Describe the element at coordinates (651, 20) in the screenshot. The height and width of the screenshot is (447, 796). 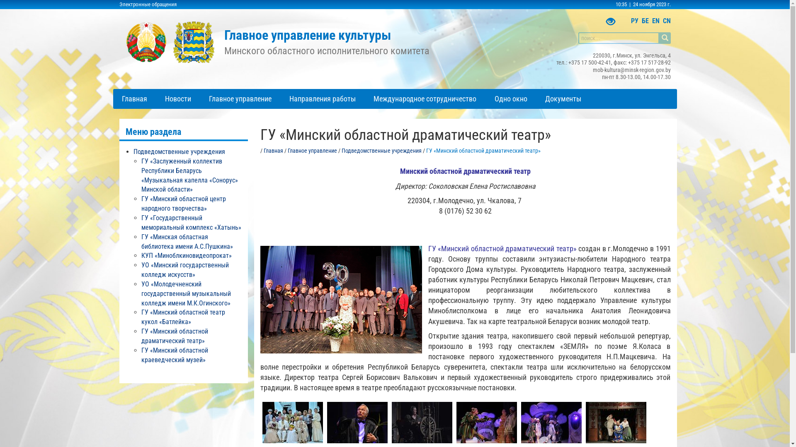
I see `'EN'` at that location.